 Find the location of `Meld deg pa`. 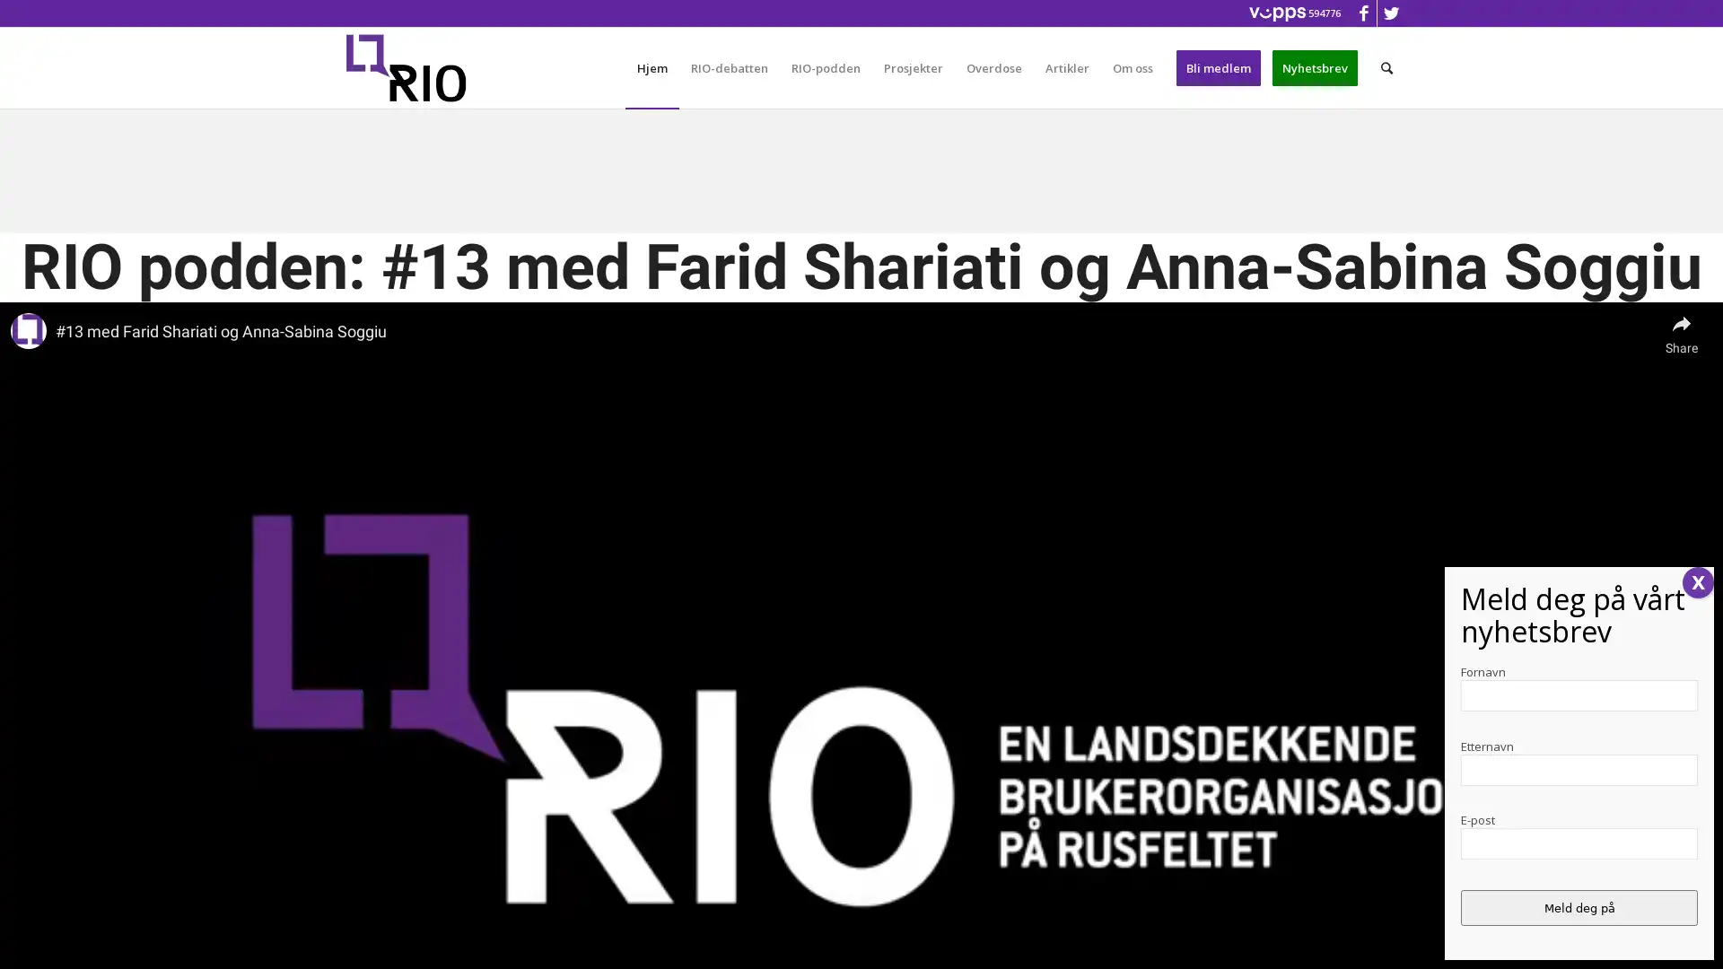

Meld deg pa is located at coordinates (1579, 907).